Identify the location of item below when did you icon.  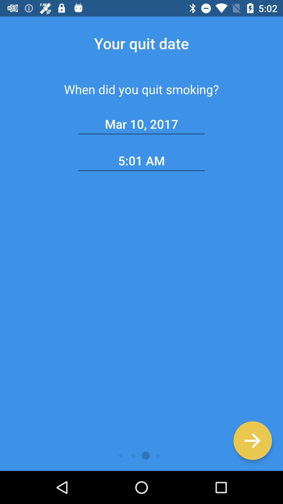
(141, 124).